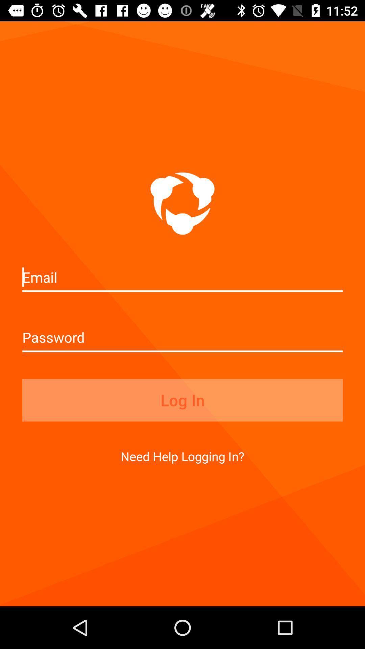 Image resolution: width=365 pixels, height=649 pixels. I want to click on the icon below log in, so click(182, 456).